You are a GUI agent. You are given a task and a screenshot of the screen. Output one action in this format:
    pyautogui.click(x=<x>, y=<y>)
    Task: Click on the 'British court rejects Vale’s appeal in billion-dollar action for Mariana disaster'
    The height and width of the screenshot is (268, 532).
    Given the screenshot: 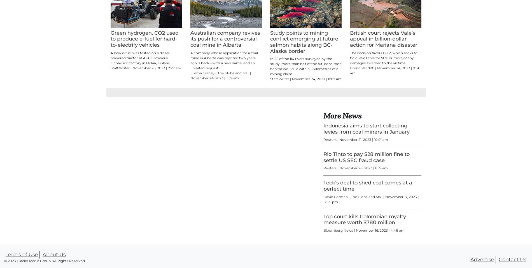 What is the action you would take?
    pyautogui.click(x=350, y=64)
    